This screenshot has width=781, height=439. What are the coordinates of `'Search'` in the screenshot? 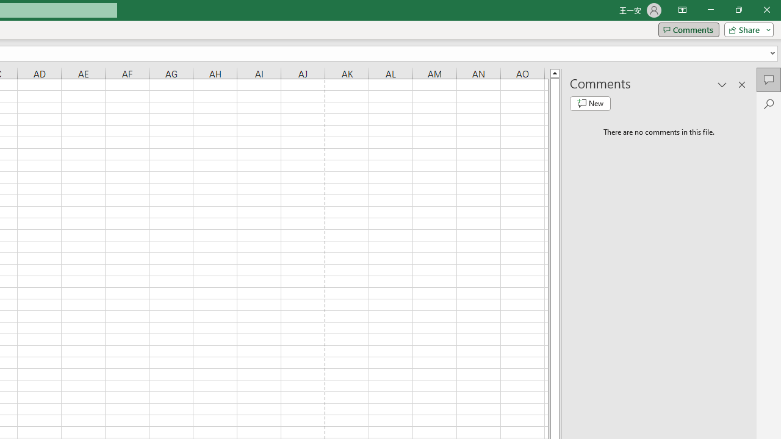 It's located at (768, 104).